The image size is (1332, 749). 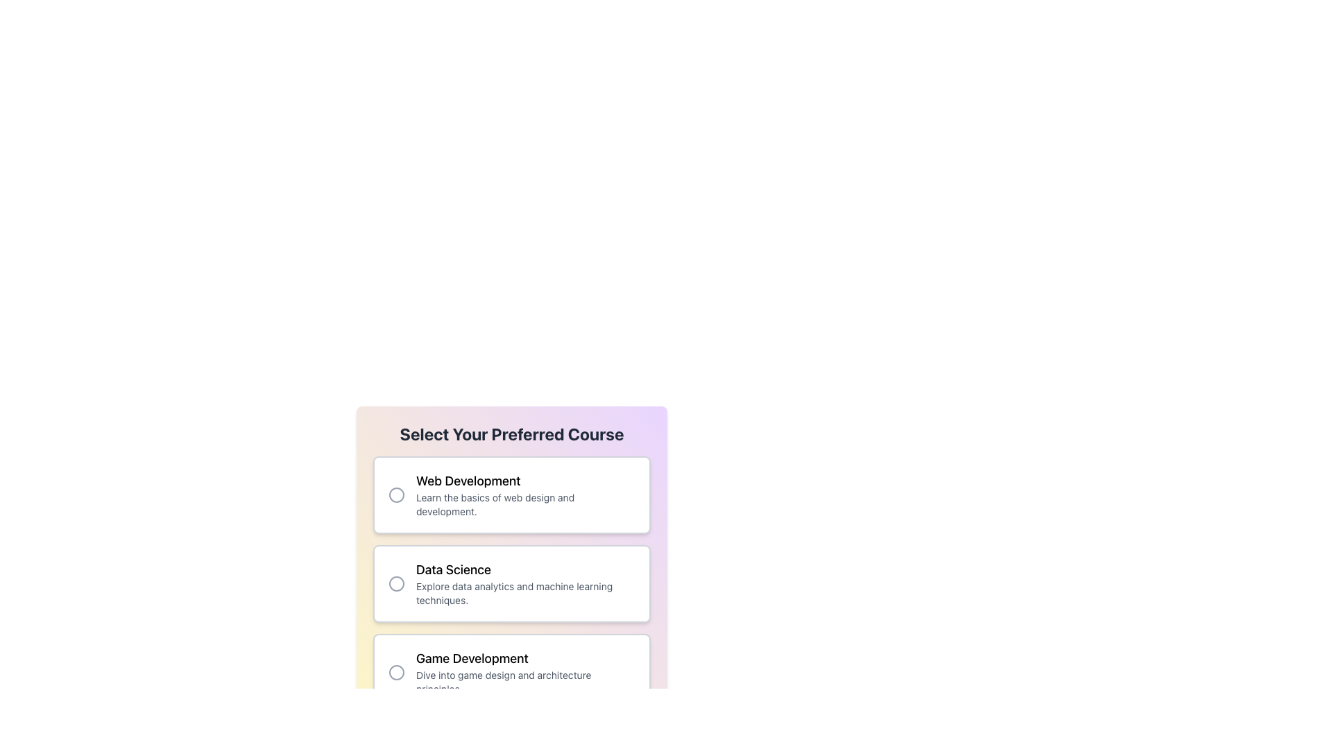 I want to click on the 'Data Science' interactive card, so click(x=511, y=583).